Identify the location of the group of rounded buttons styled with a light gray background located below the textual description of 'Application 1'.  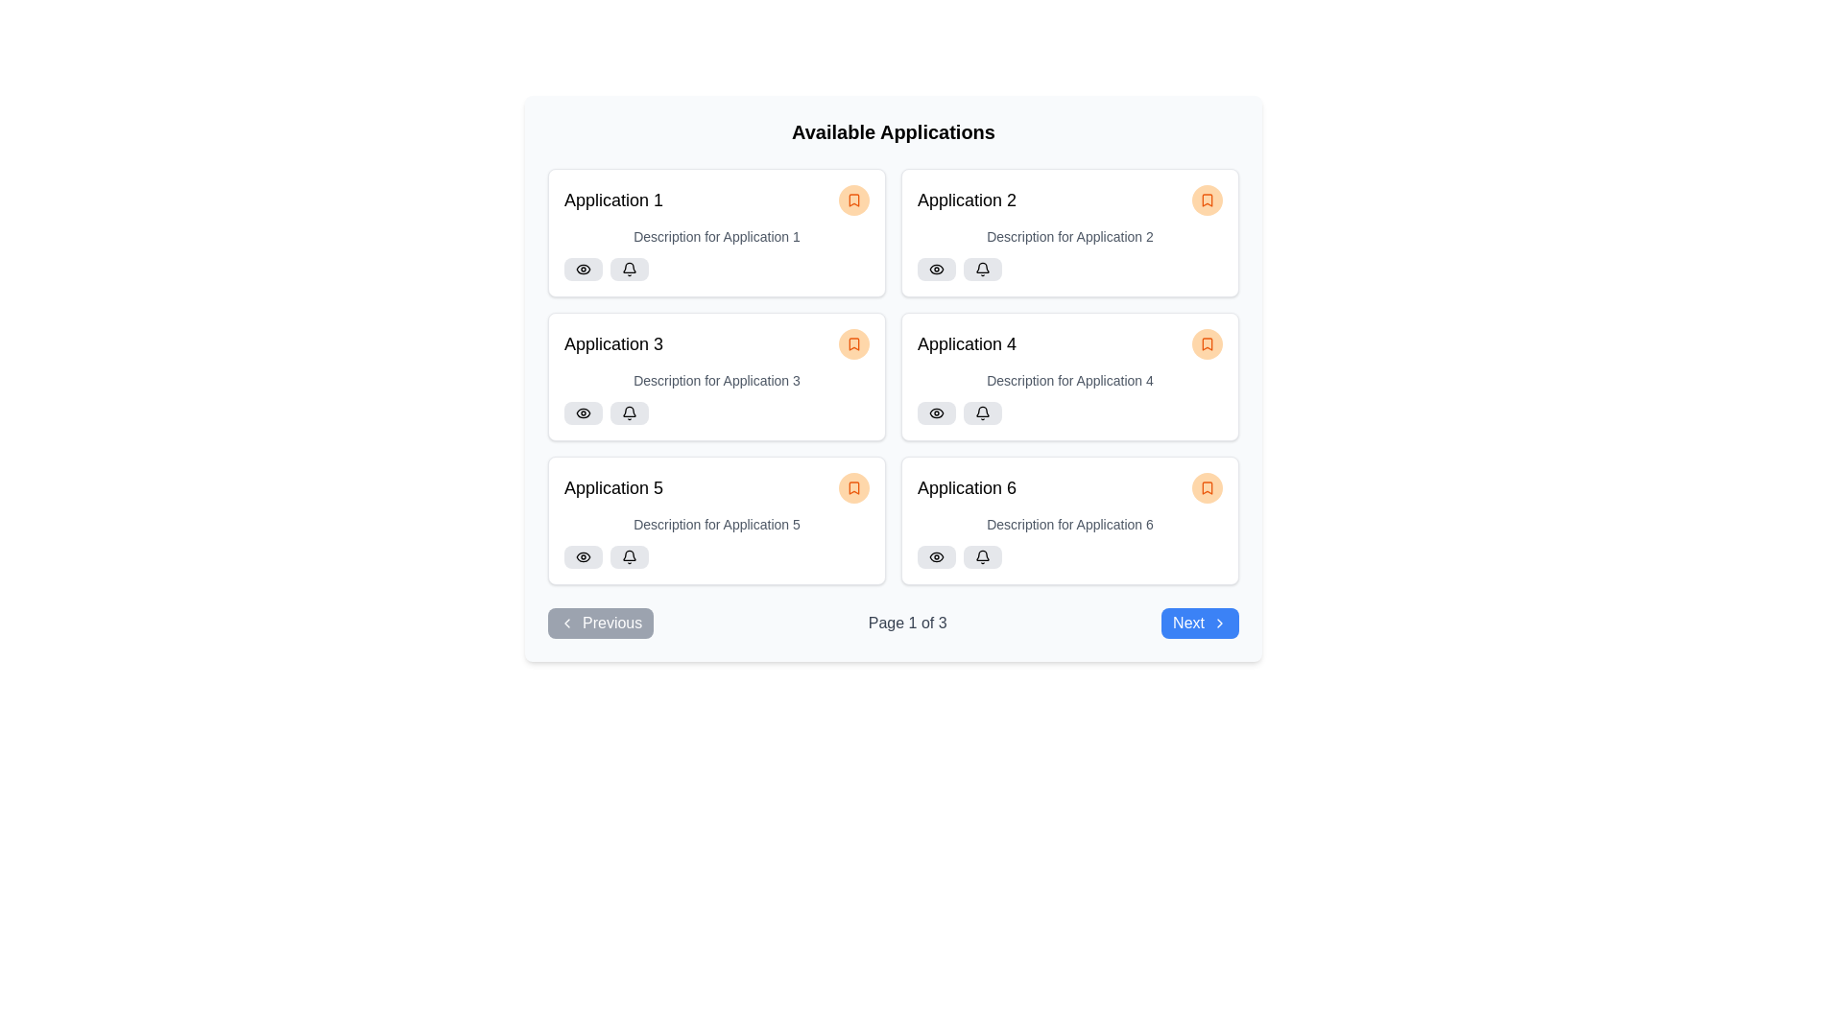
(716, 270).